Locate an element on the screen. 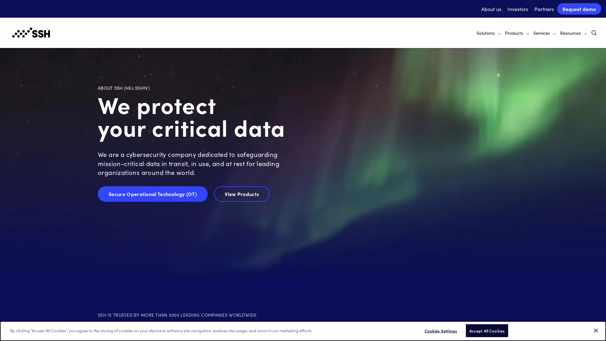 The height and width of the screenshot is (341, 606). Accept All Cookies is located at coordinates (486, 330).